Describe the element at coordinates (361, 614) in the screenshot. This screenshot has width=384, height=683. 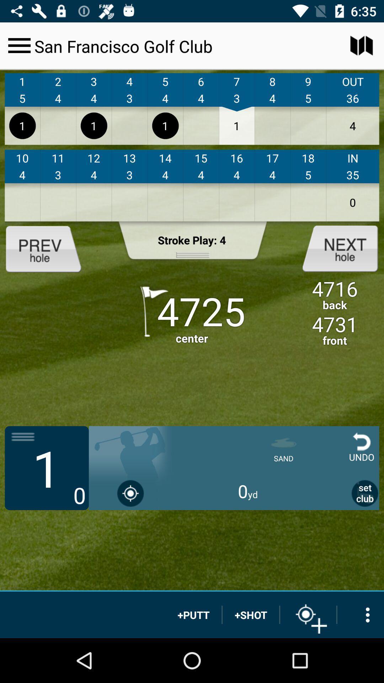
I see `more options` at that location.